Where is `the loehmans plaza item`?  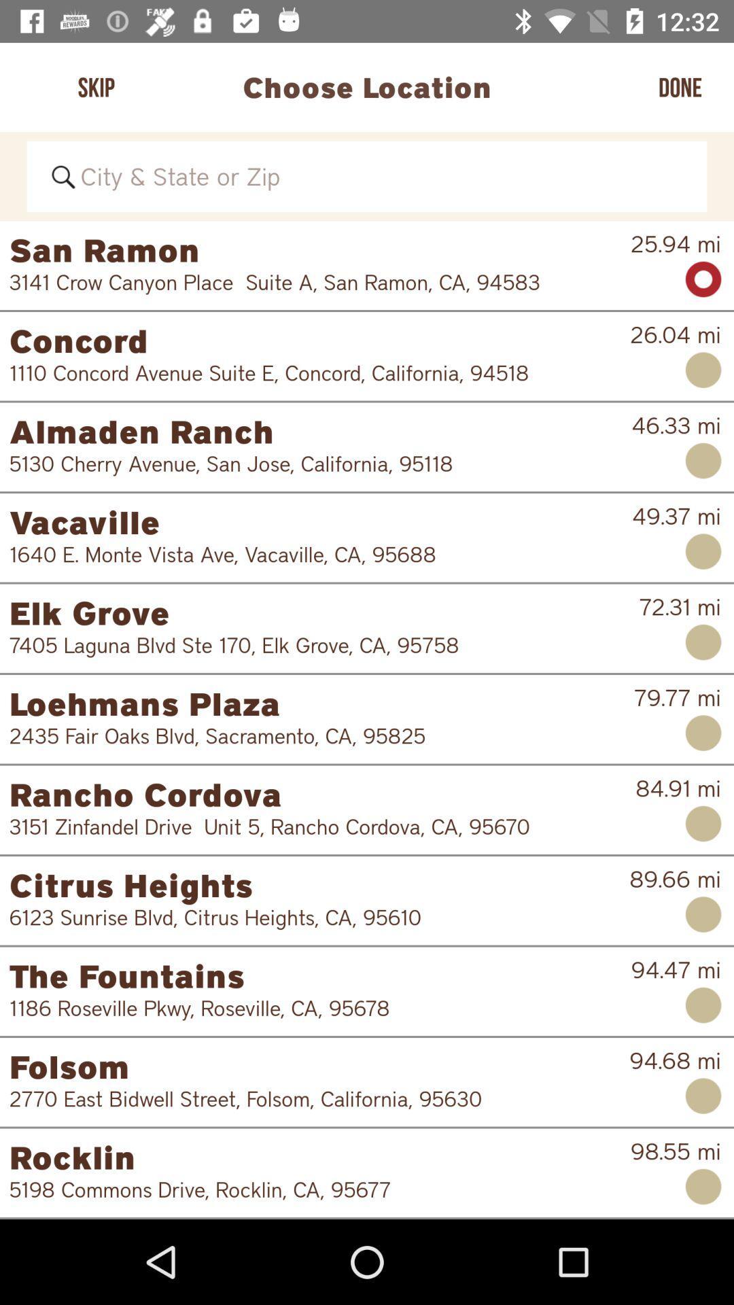 the loehmans plaza item is located at coordinates (321, 703).